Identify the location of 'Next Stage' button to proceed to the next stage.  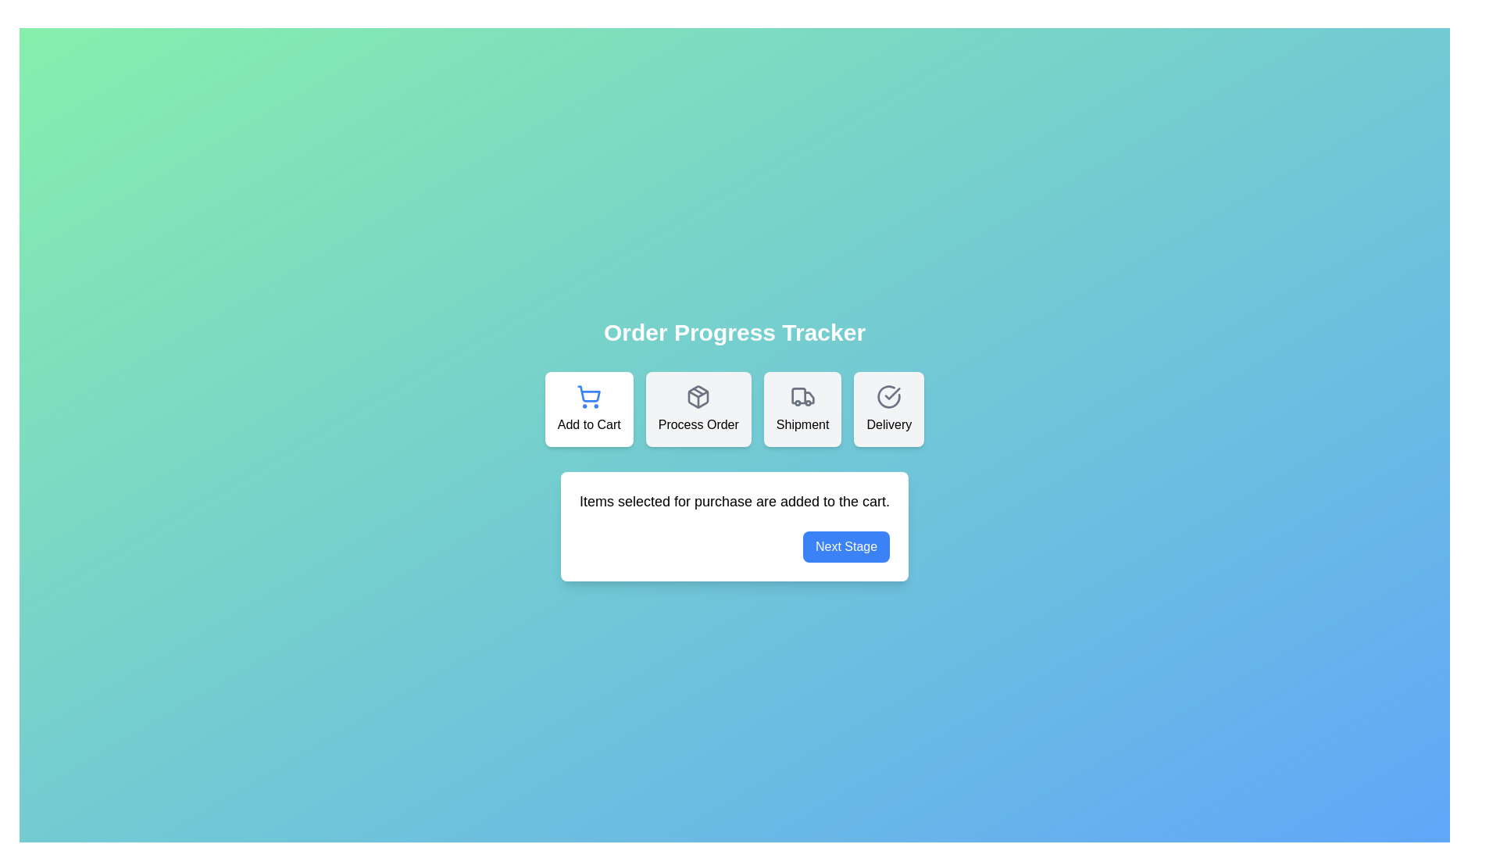
(845, 545).